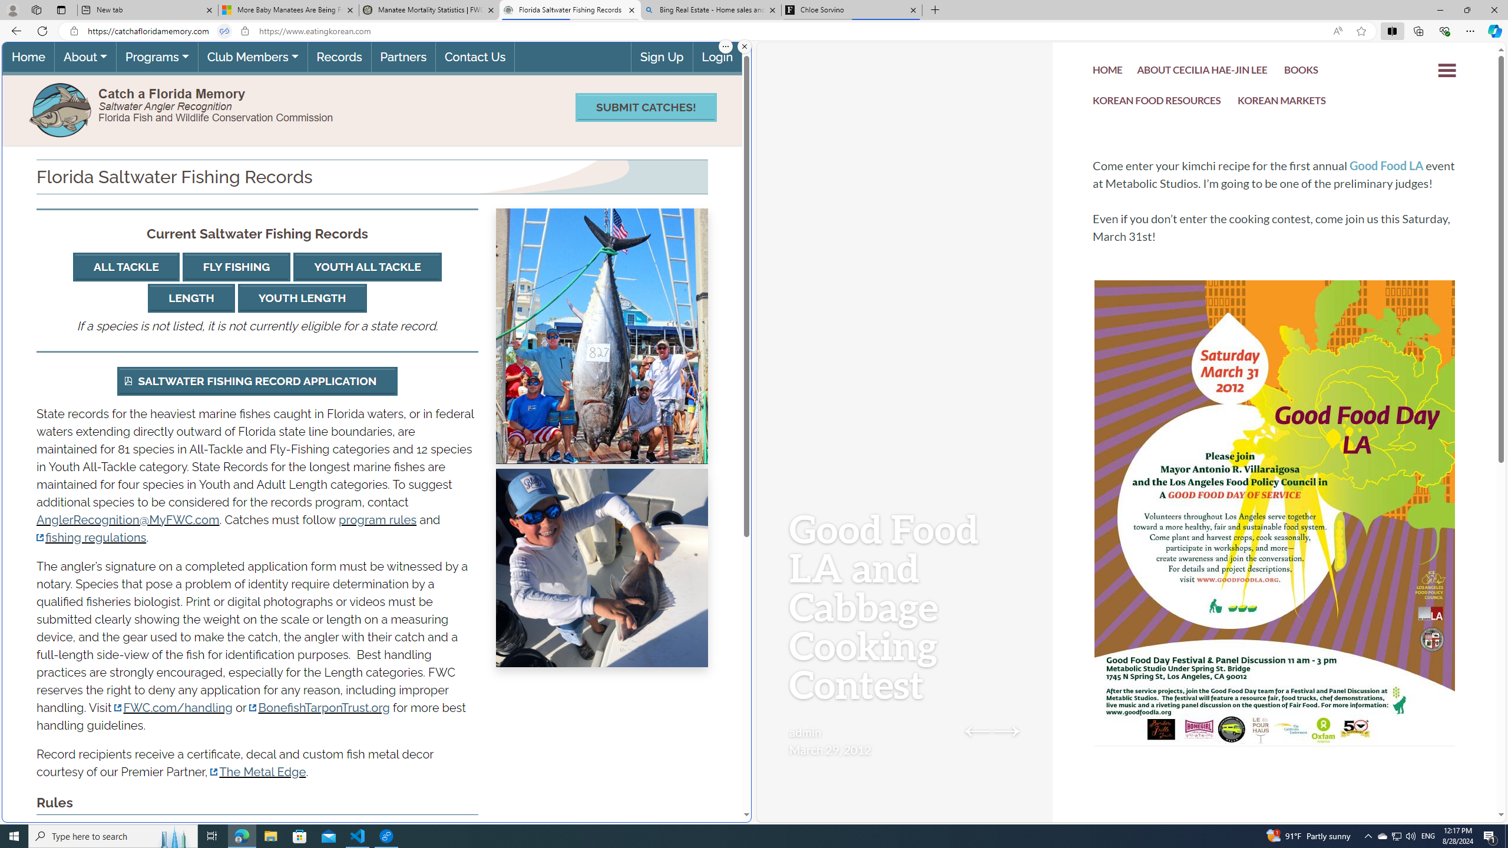  I want to click on 'ABOUT CECILIA HAE-JIN LEE', so click(1202, 72).